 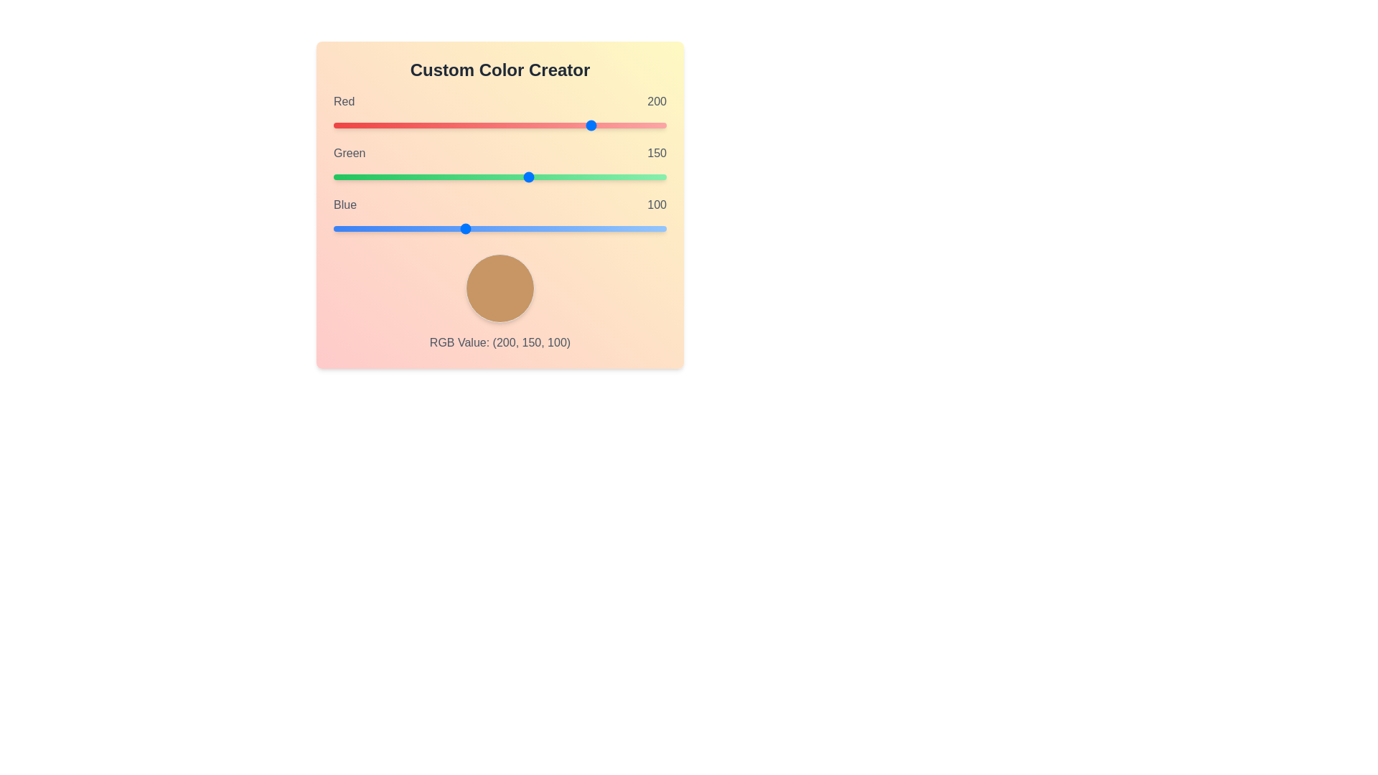 What do you see at coordinates (601, 124) in the screenshot?
I see `the red slider to set the red value to 205` at bounding box center [601, 124].